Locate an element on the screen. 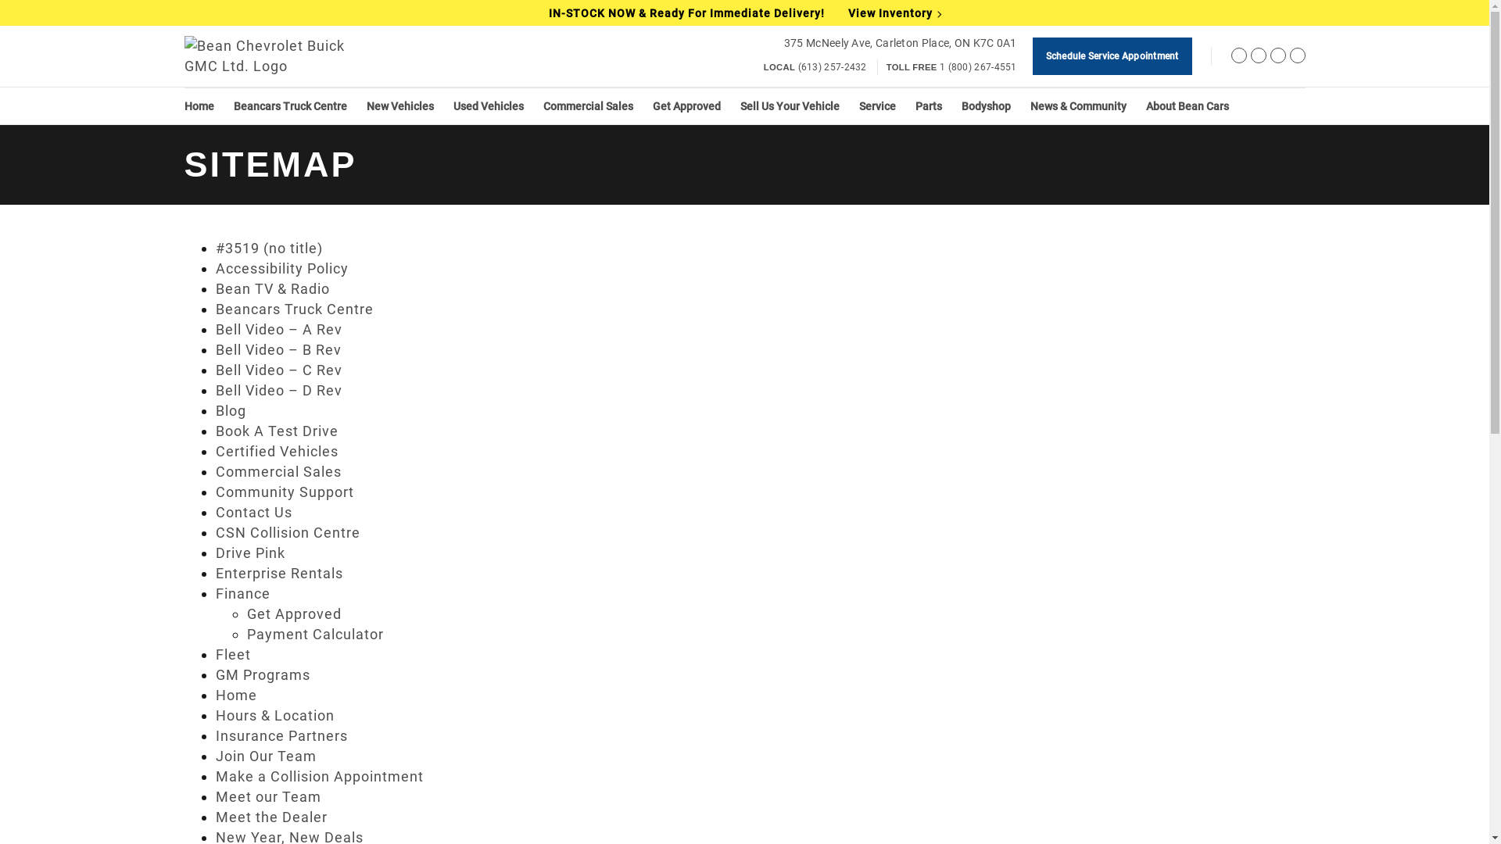 The image size is (1501, 844). 'Meet our Team' is located at coordinates (268, 796).